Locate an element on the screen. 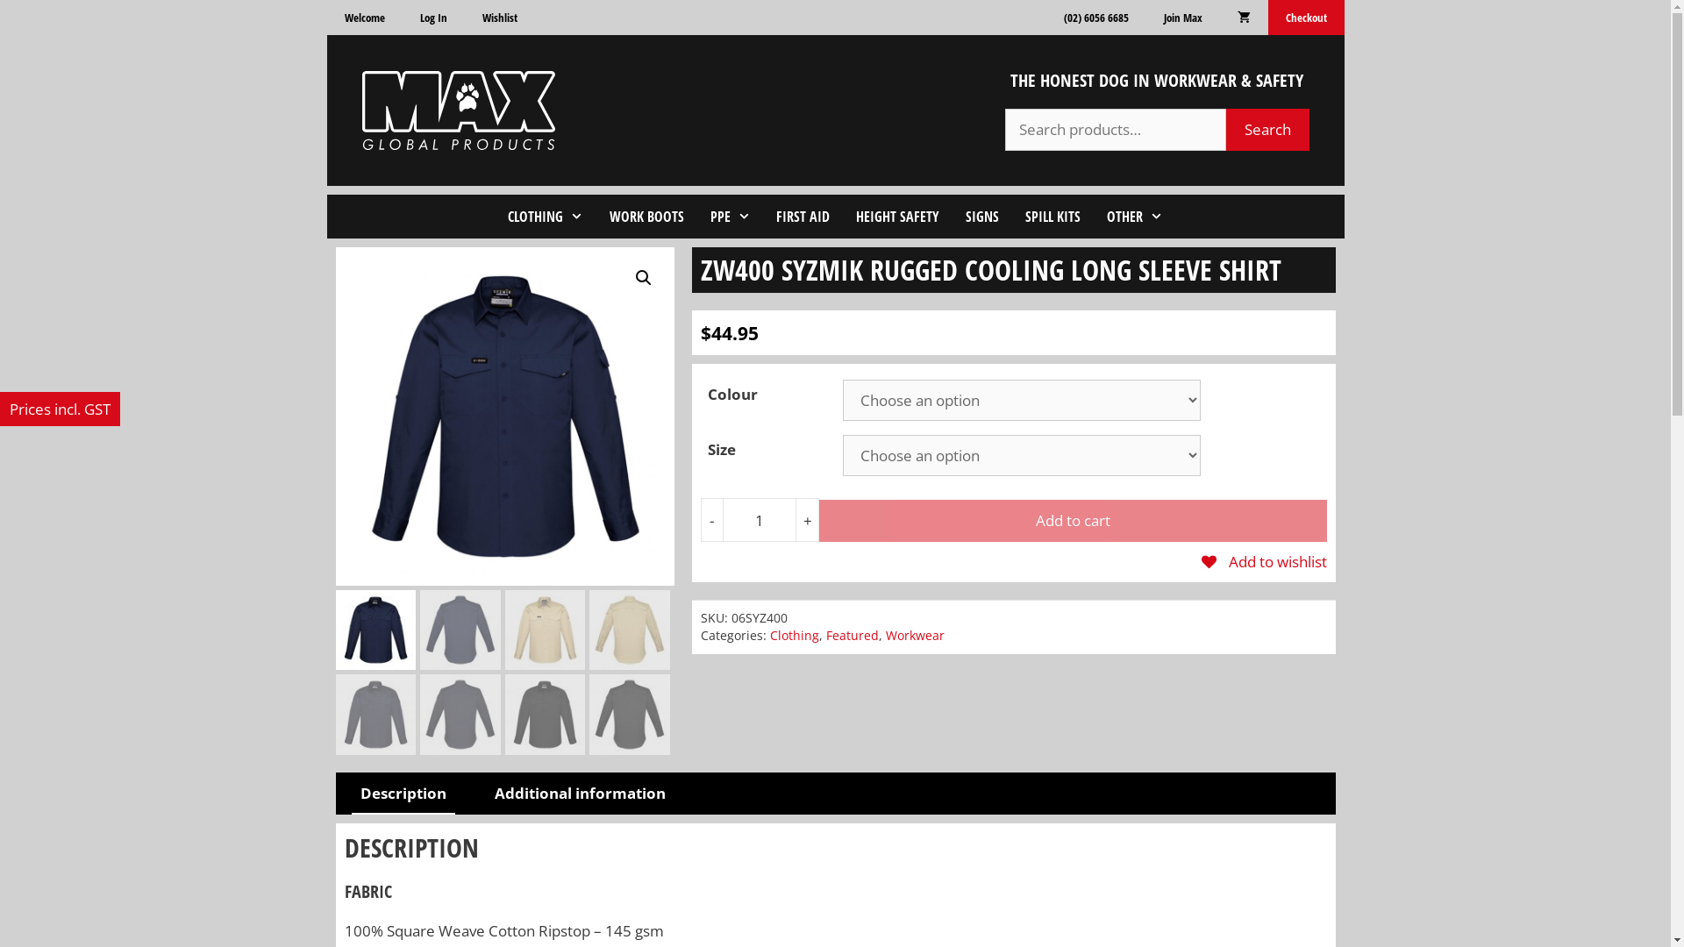  'View your shopping cart' is located at coordinates (1242, 17).